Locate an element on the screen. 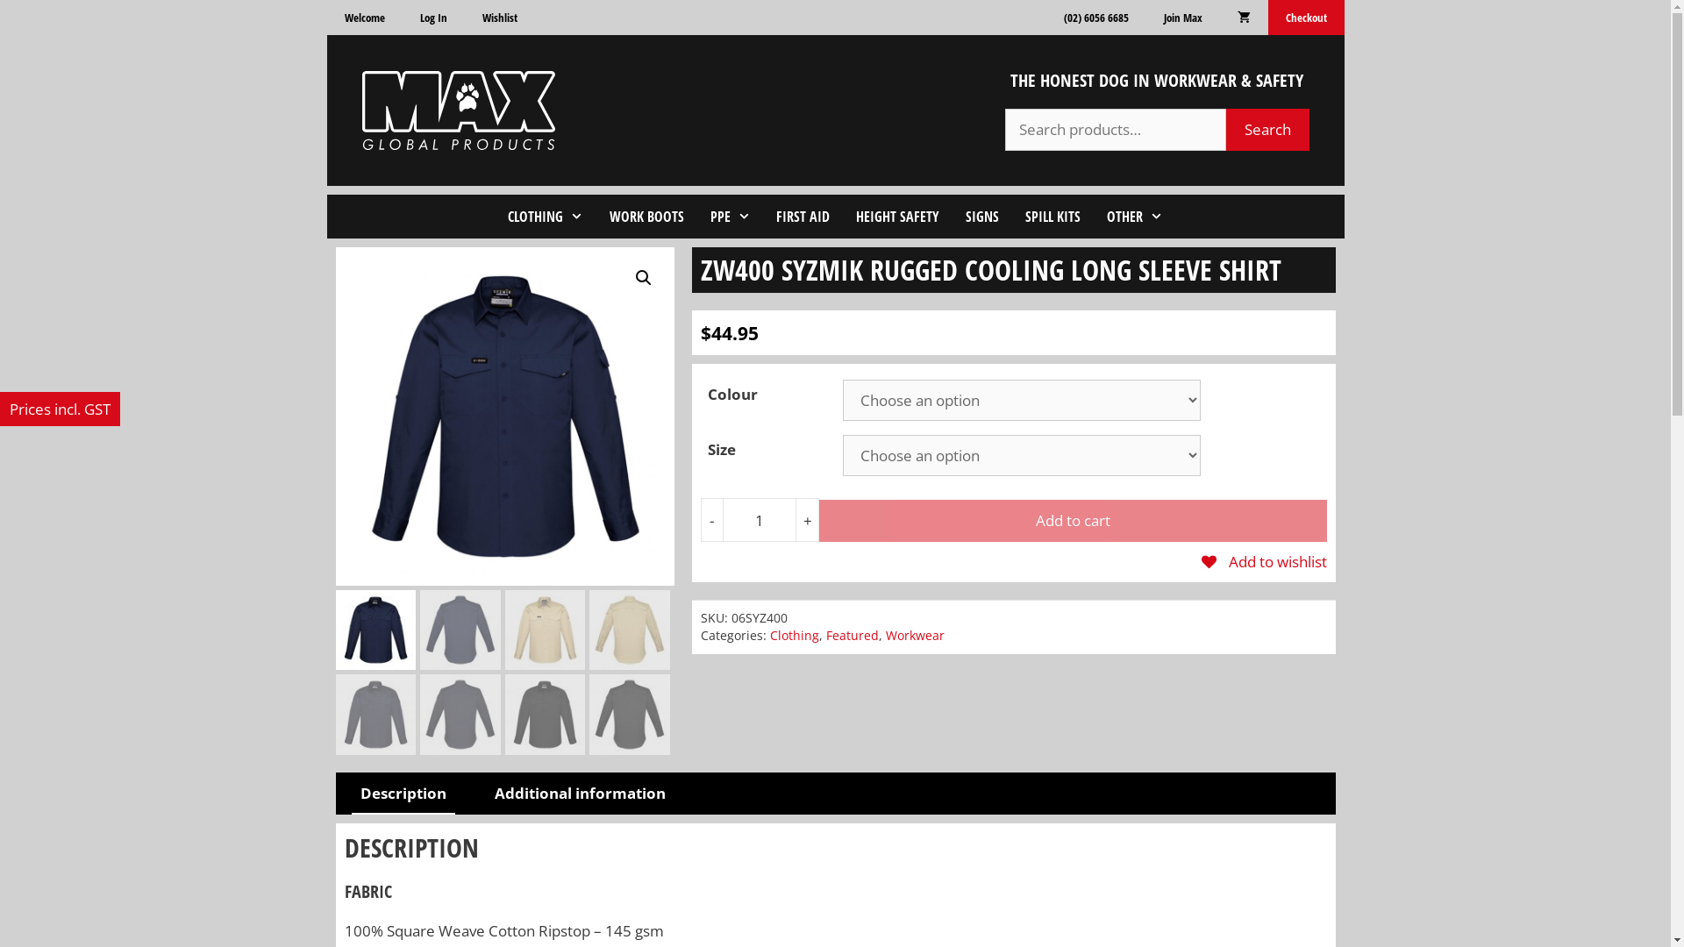  'View your shopping cart' is located at coordinates (1242, 17).